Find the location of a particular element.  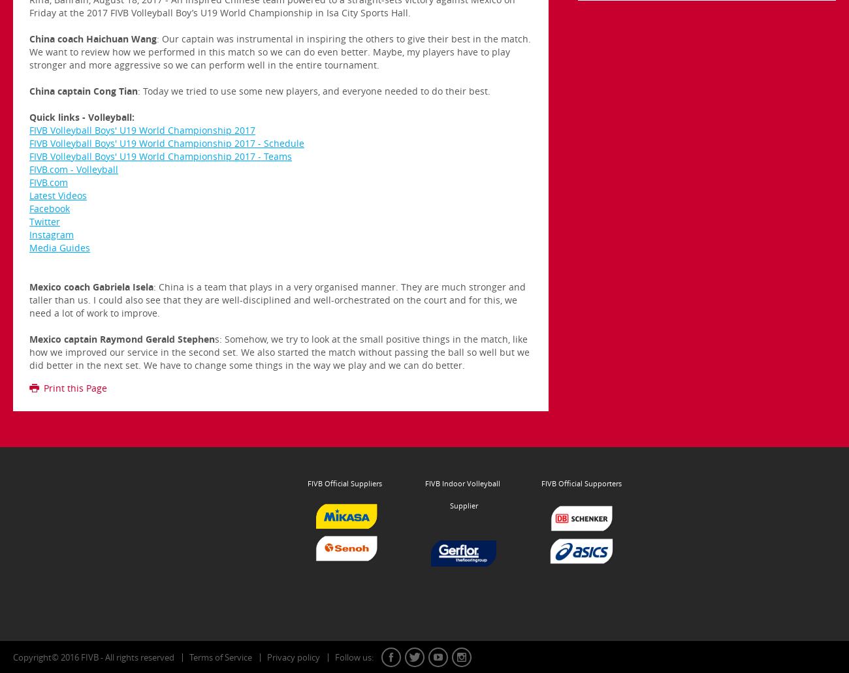

'Terms of Service' is located at coordinates (220, 656).